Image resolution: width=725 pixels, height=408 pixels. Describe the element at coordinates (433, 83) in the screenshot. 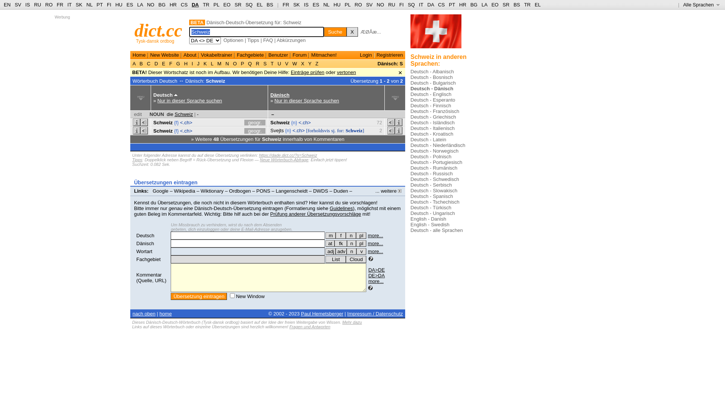

I see `'Deutsch - Bulgarisch'` at that location.